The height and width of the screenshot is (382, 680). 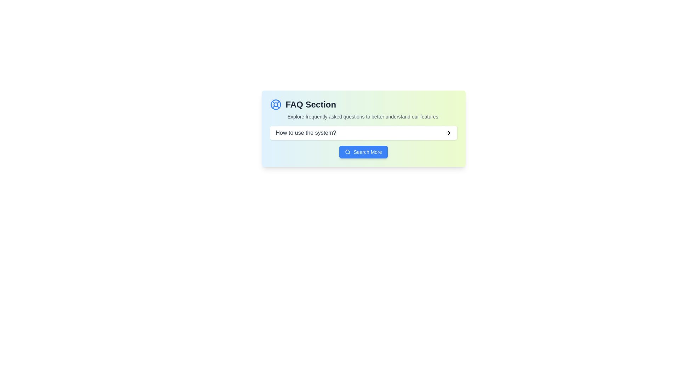 I want to click on the help icon located to the far left within the header area of the FAQ section, preceding the 'FAQ Section' text, so click(x=275, y=105).